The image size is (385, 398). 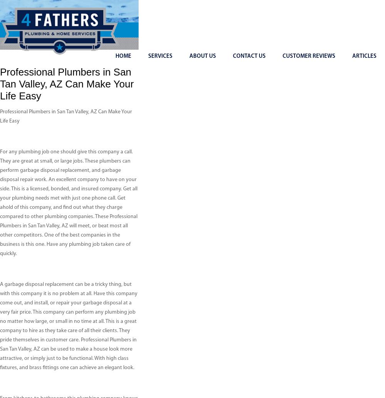 I want to click on 'About Us', so click(x=203, y=56).